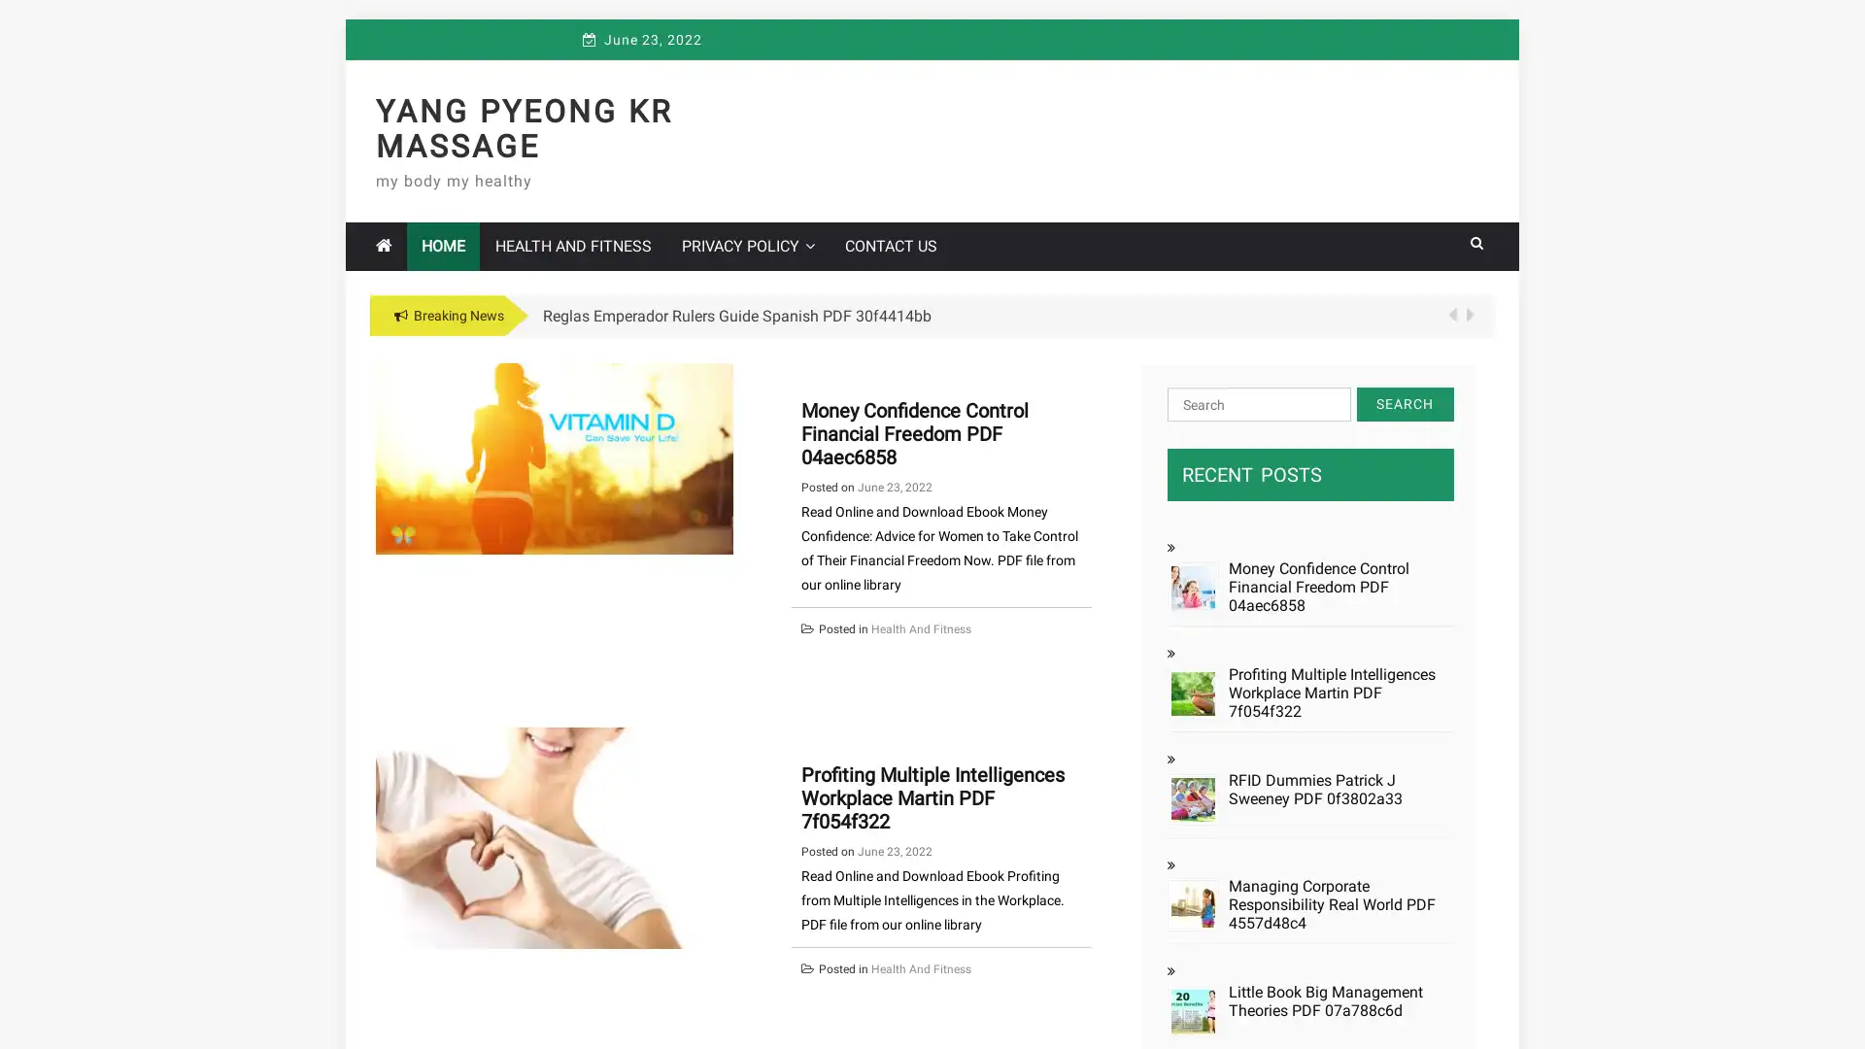  Describe the element at coordinates (1404, 403) in the screenshot. I see `Search` at that location.